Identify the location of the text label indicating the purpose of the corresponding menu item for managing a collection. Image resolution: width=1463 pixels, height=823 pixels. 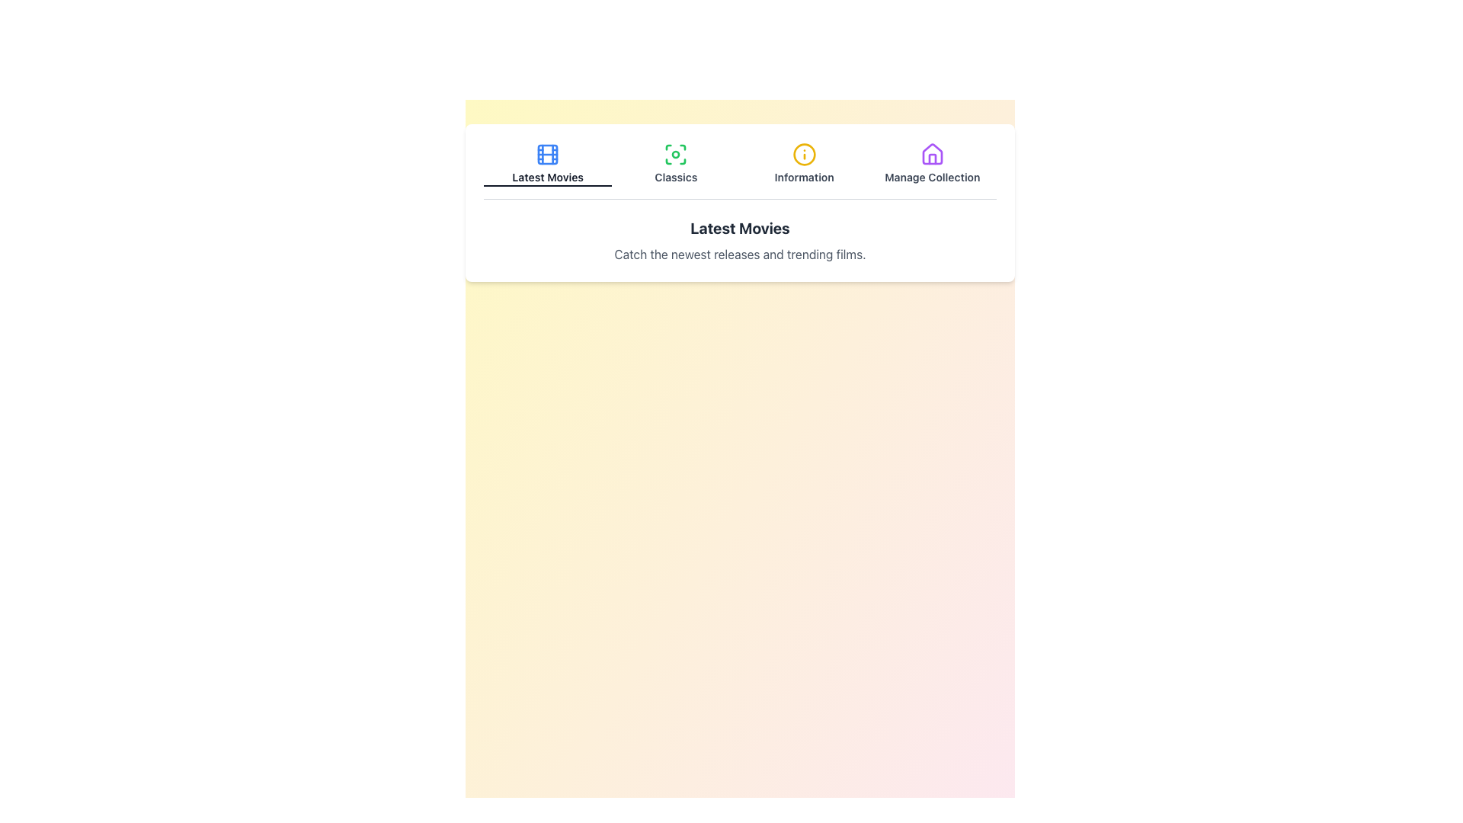
(931, 176).